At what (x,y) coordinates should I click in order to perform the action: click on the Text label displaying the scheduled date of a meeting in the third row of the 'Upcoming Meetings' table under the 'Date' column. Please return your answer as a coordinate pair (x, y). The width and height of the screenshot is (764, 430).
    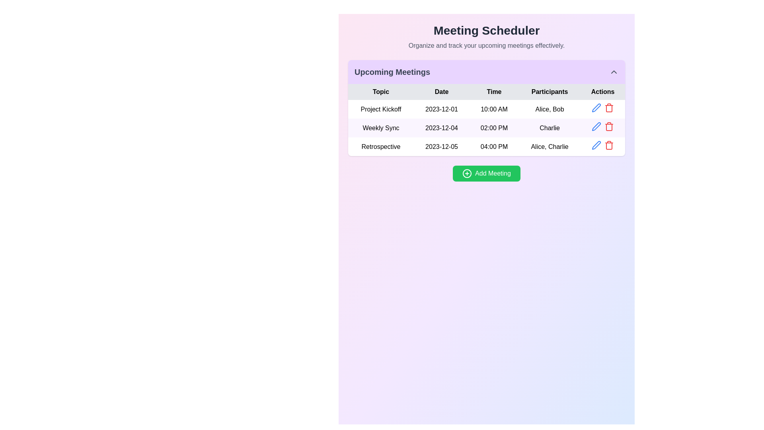
    Looking at the image, I should click on (441, 147).